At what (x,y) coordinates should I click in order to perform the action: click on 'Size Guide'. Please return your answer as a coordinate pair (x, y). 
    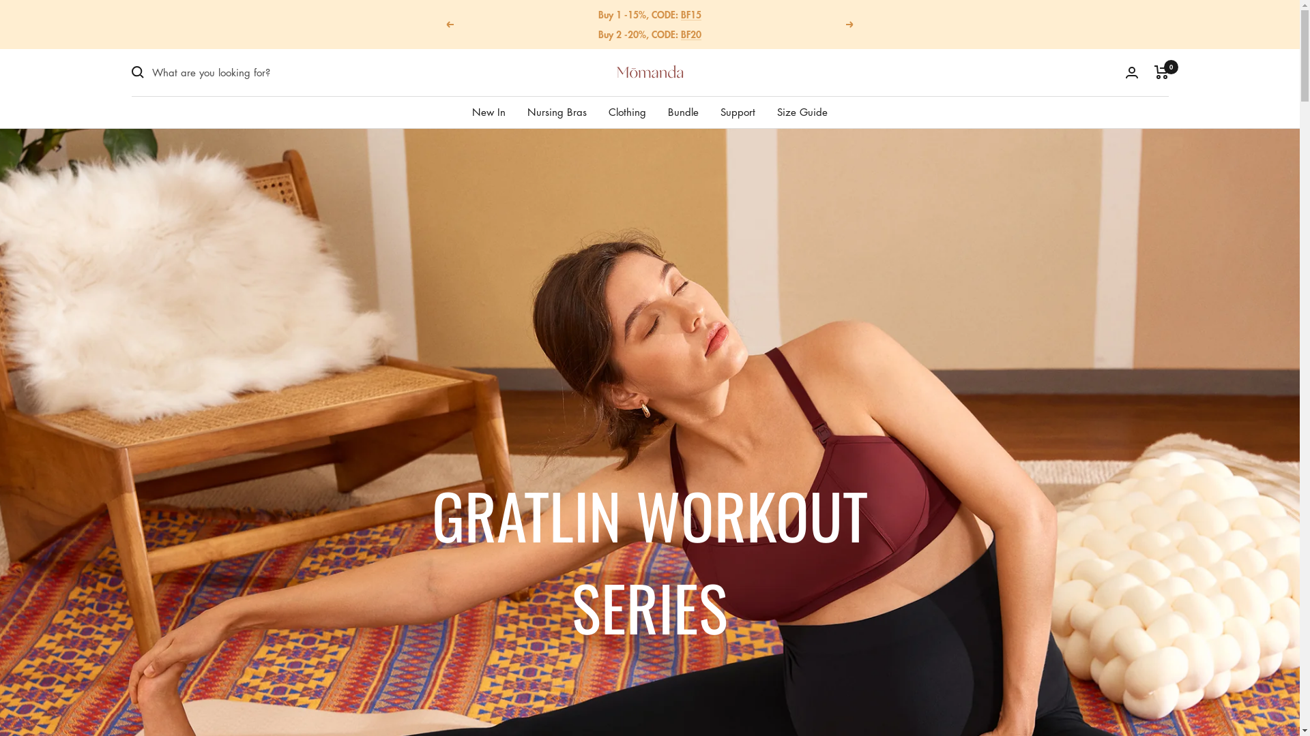
    Looking at the image, I should click on (802, 110).